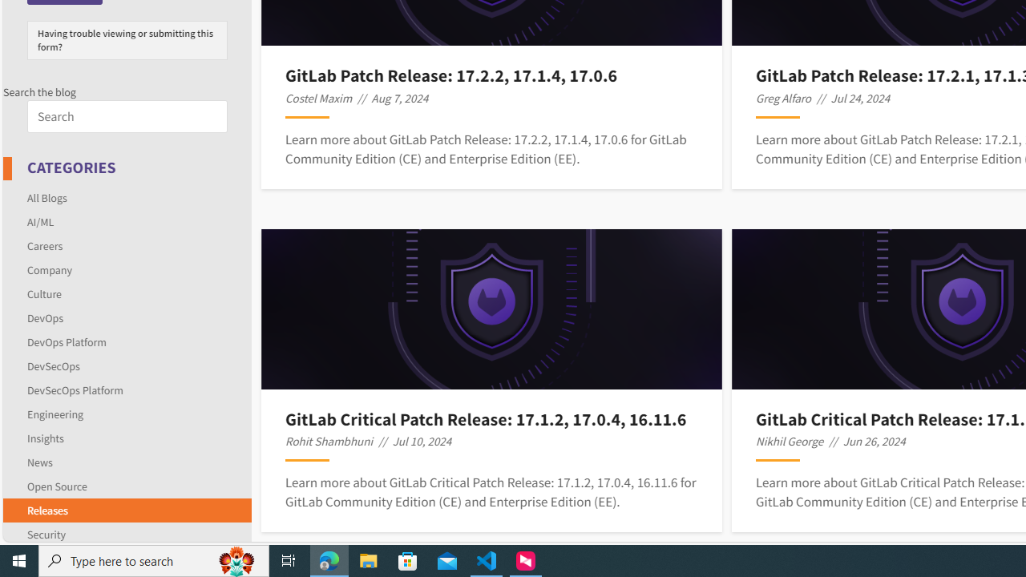 This screenshot has width=1026, height=577. Describe the element at coordinates (66, 341) in the screenshot. I see `'DevOps Platform'` at that location.